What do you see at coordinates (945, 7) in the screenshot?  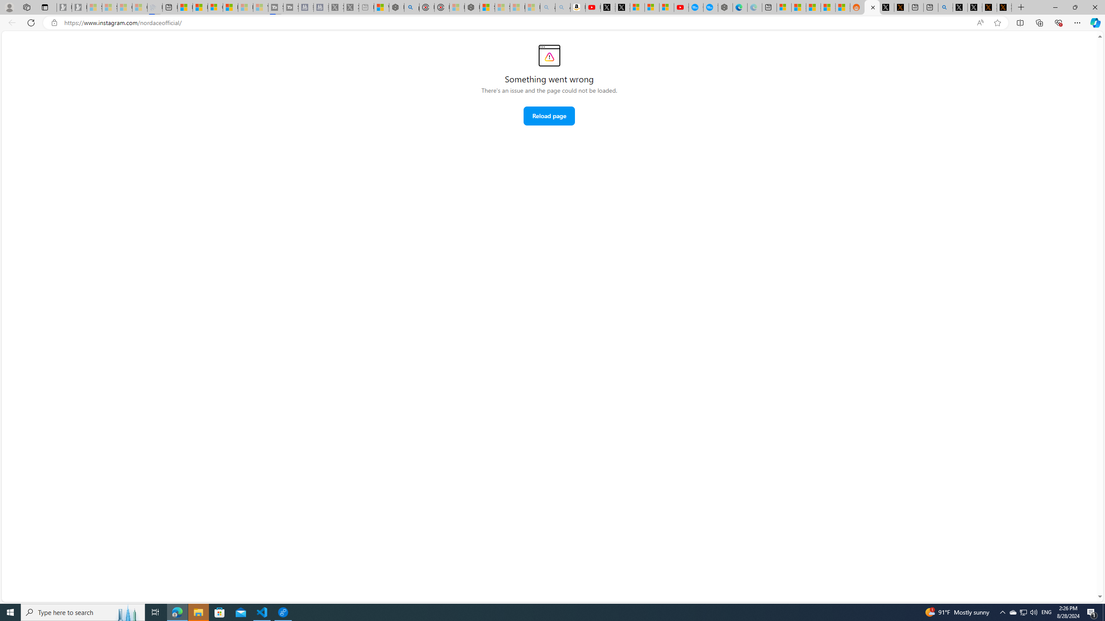 I see `'github - Search'` at bounding box center [945, 7].